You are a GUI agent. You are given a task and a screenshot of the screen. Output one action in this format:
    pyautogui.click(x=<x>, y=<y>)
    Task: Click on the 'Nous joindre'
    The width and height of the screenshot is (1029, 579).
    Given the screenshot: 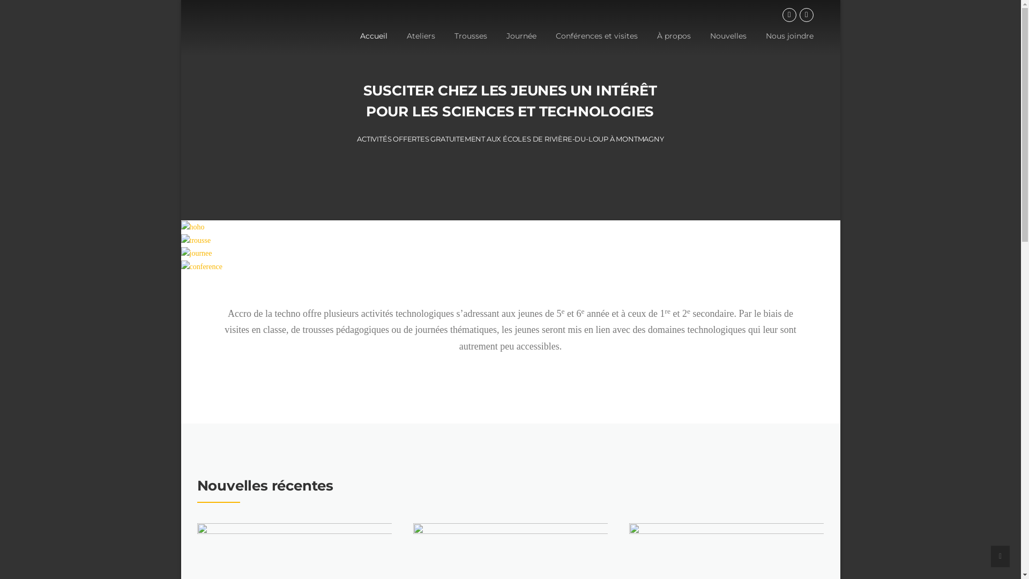 What is the action you would take?
    pyautogui.click(x=755, y=44)
    